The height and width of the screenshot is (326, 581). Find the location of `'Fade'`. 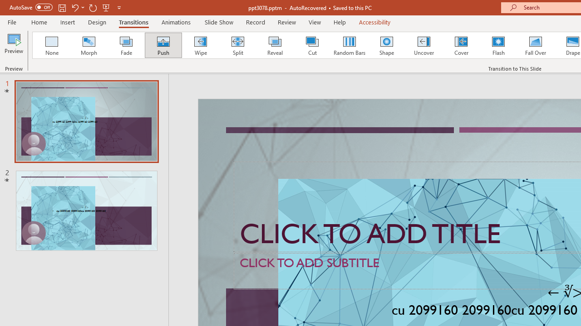

'Fade' is located at coordinates (125, 45).